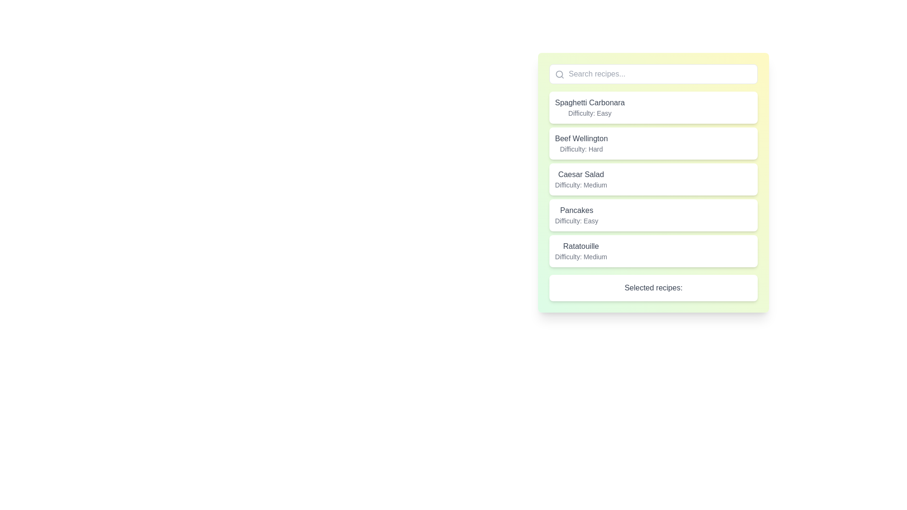 This screenshot has width=907, height=510. What do you see at coordinates (581, 149) in the screenshot?
I see `the difficulty level label for the recipe 'Beef Wellington' located beneath the recipe title within the second card in the vertical list of recipe cards` at bounding box center [581, 149].